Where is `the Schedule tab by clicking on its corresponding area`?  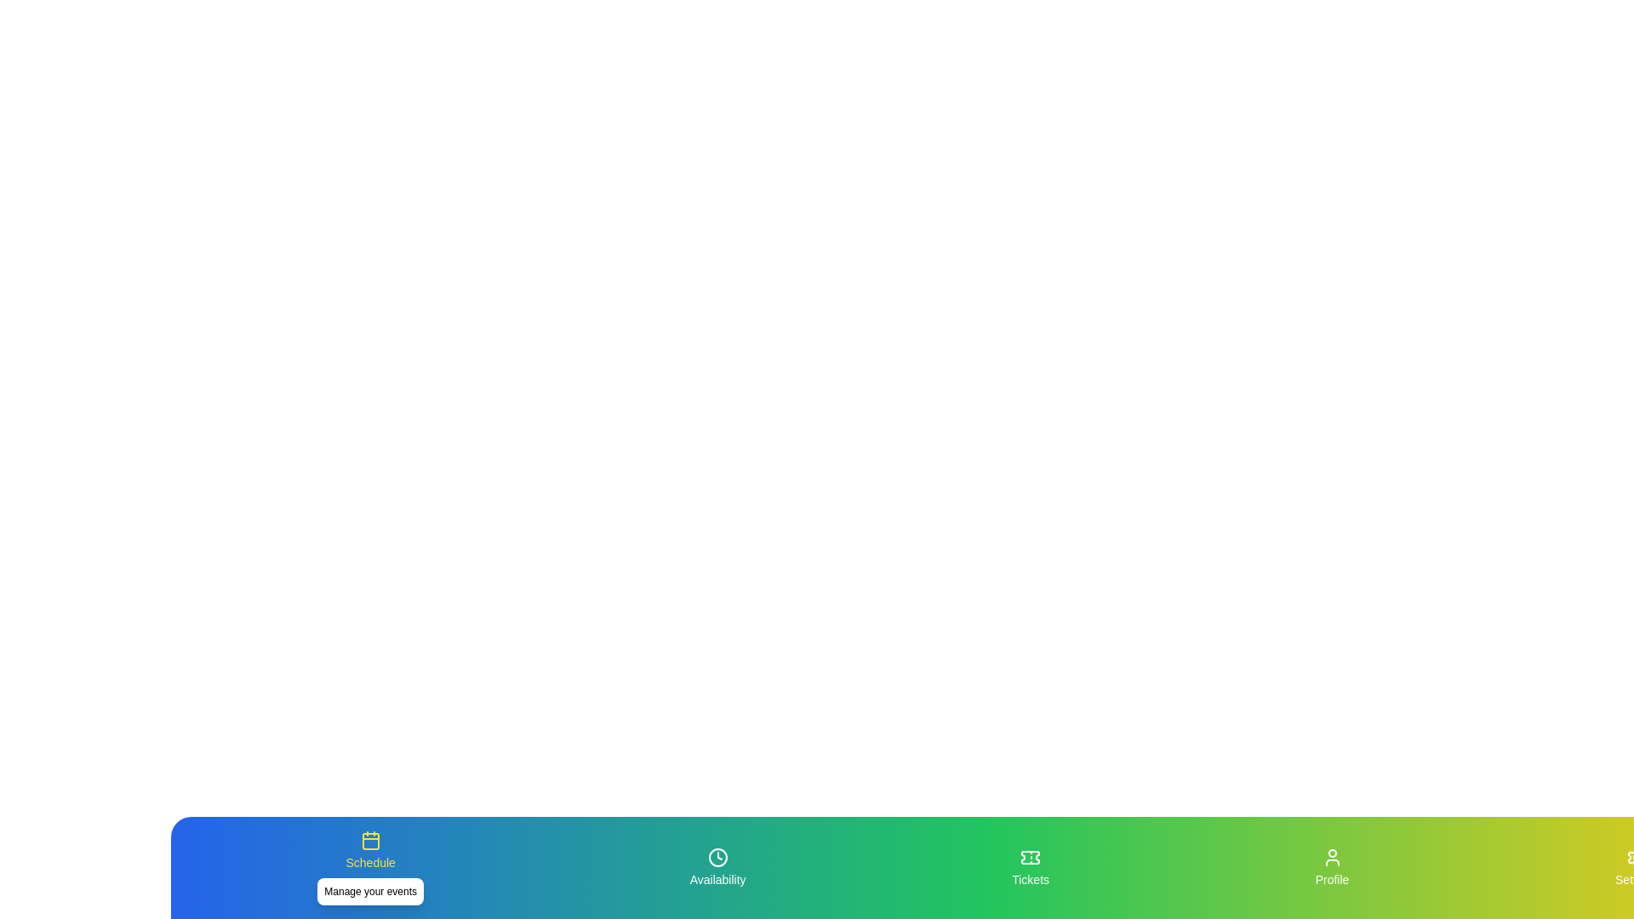 the Schedule tab by clicking on its corresponding area is located at coordinates (369, 867).